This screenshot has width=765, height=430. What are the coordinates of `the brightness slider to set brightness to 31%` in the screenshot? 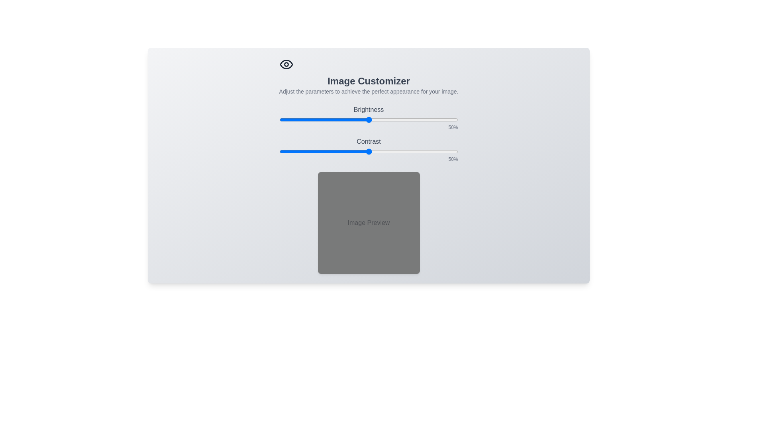 It's located at (335, 119).